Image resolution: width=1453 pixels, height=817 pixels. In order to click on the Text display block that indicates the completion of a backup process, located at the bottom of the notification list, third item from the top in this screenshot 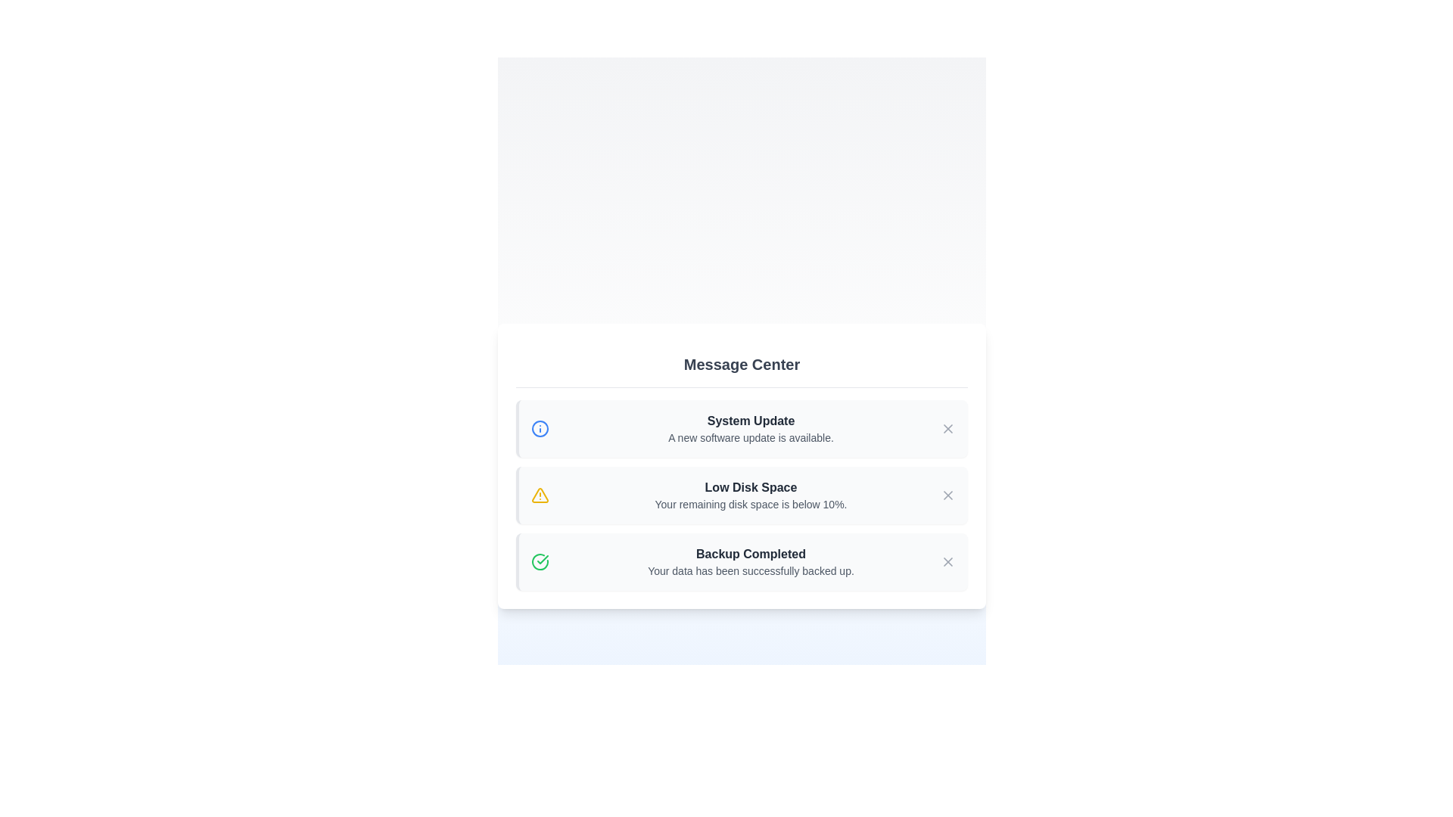, I will do `click(751, 561)`.